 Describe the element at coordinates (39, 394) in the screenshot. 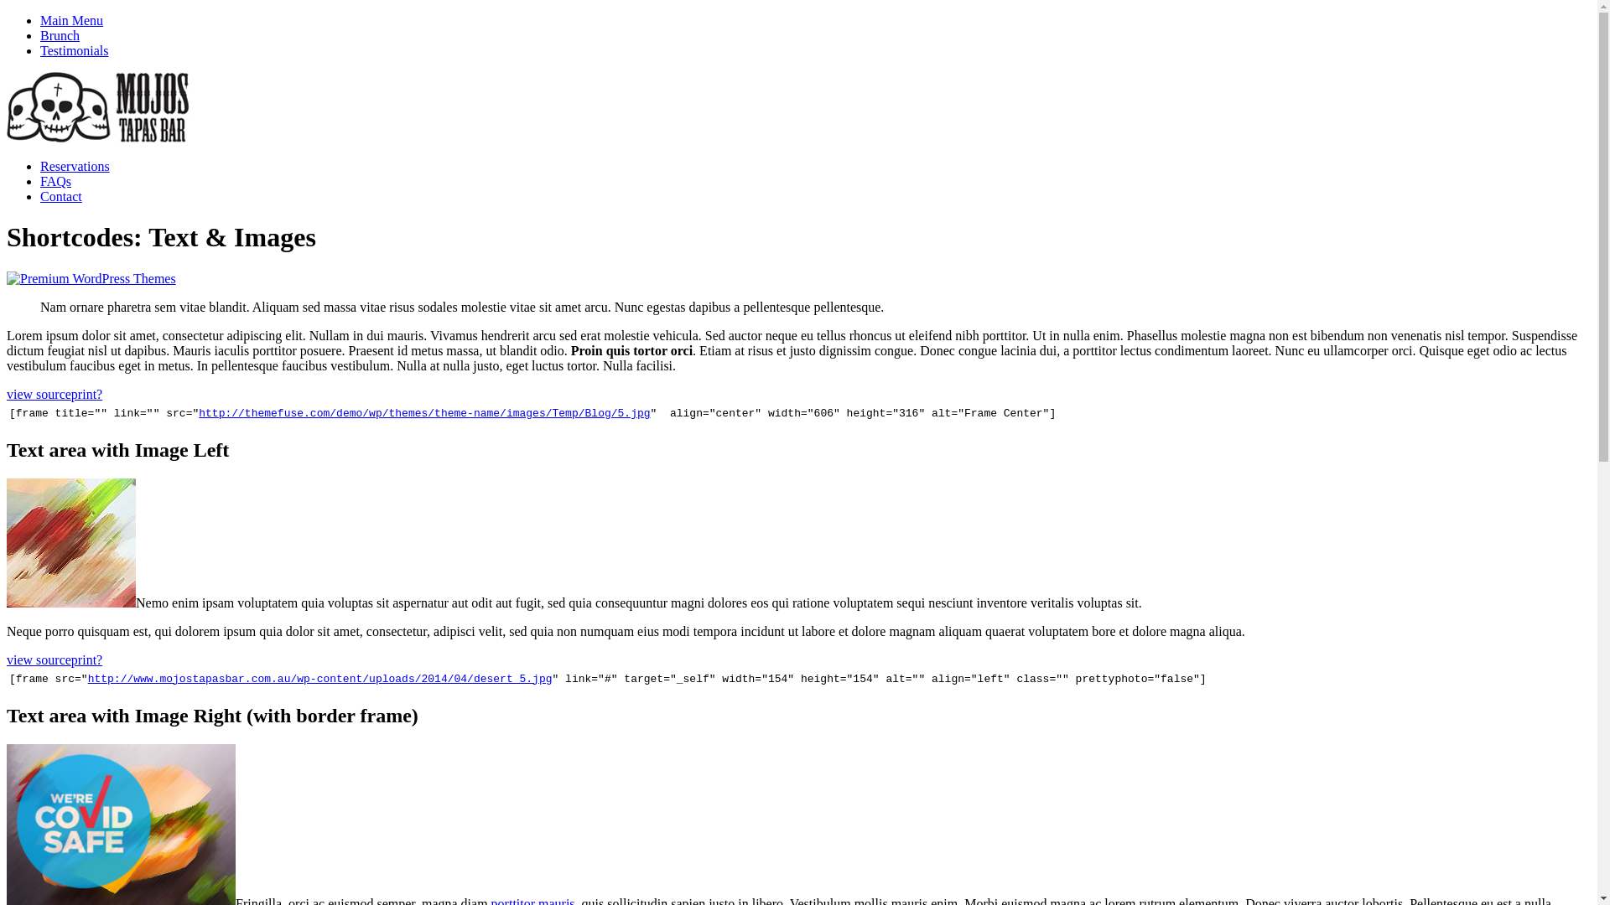

I see `'view source'` at that location.